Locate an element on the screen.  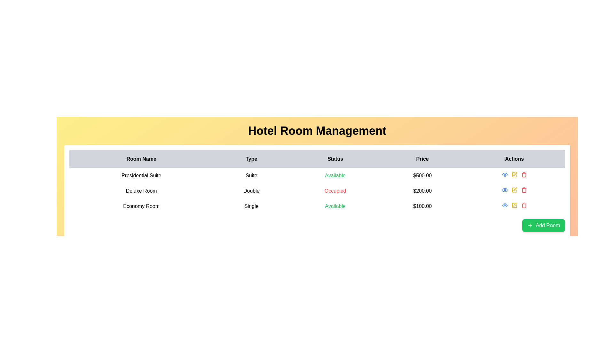
the yellow pencil icon in the Inline action buttons group for the 'Deluxe Room' entry is located at coordinates (514, 189).